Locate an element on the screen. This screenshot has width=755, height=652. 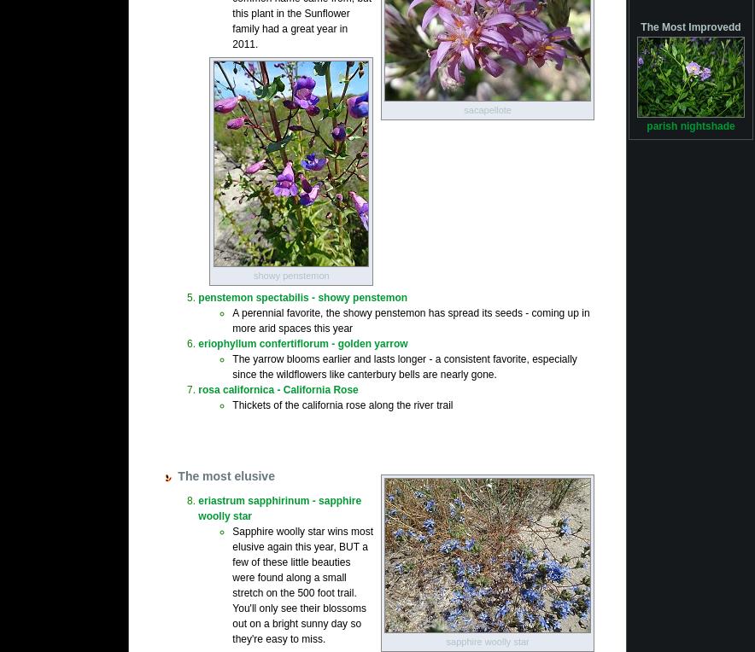
'sapphire woolly star' is located at coordinates (446, 641).